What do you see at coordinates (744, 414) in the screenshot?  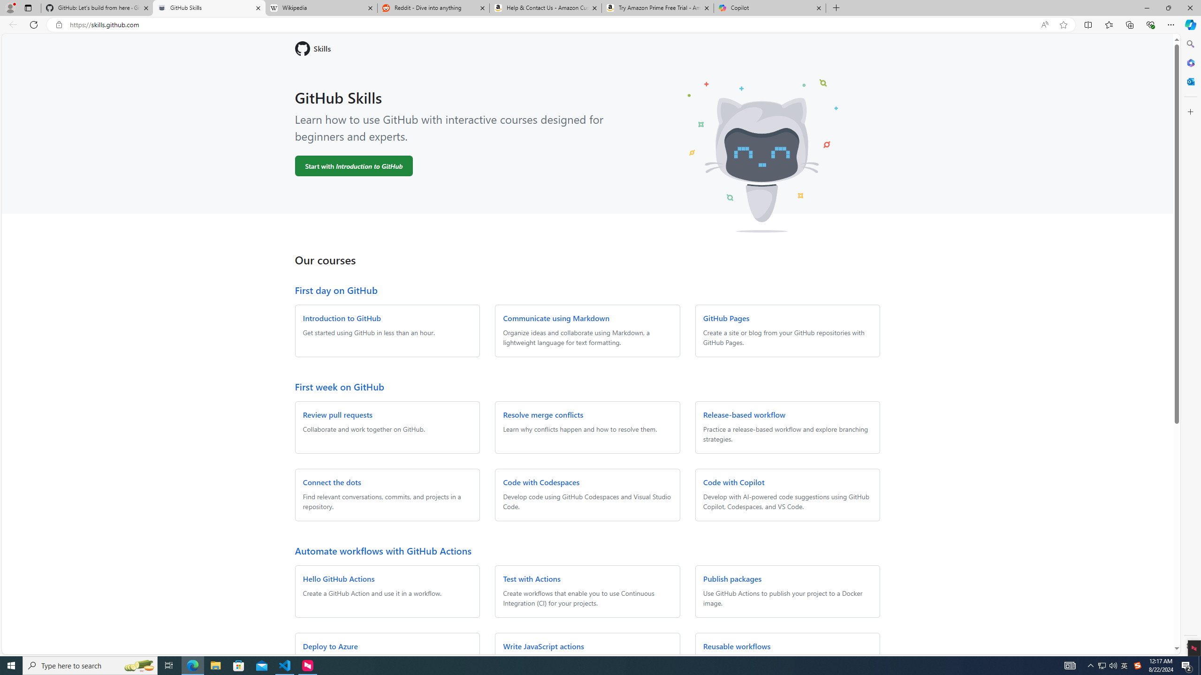 I see `'Release-based workflow'` at bounding box center [744, 414].